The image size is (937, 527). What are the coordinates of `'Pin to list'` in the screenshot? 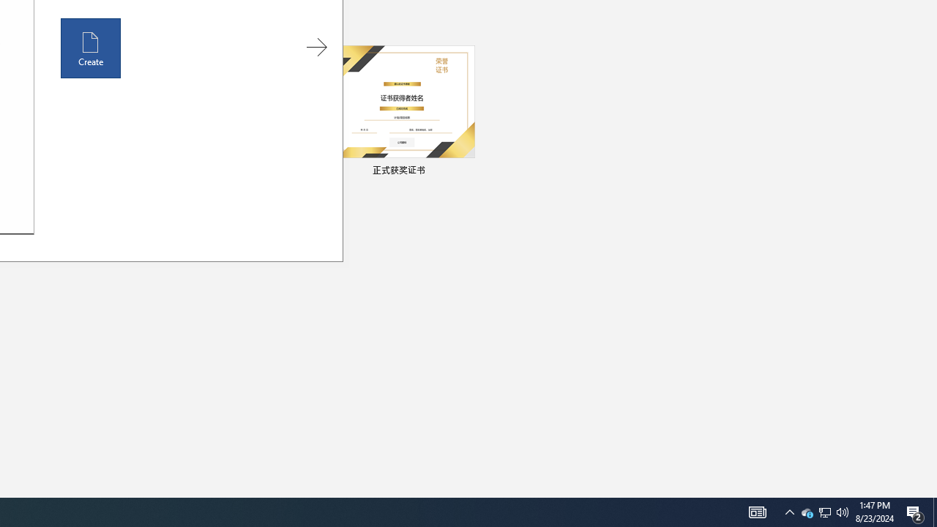 It's located at (465, 171).